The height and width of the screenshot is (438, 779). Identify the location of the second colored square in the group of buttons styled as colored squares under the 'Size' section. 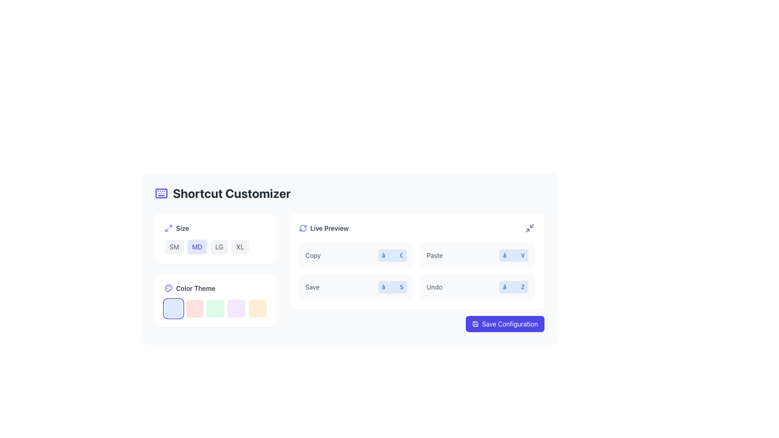
(215, 300).